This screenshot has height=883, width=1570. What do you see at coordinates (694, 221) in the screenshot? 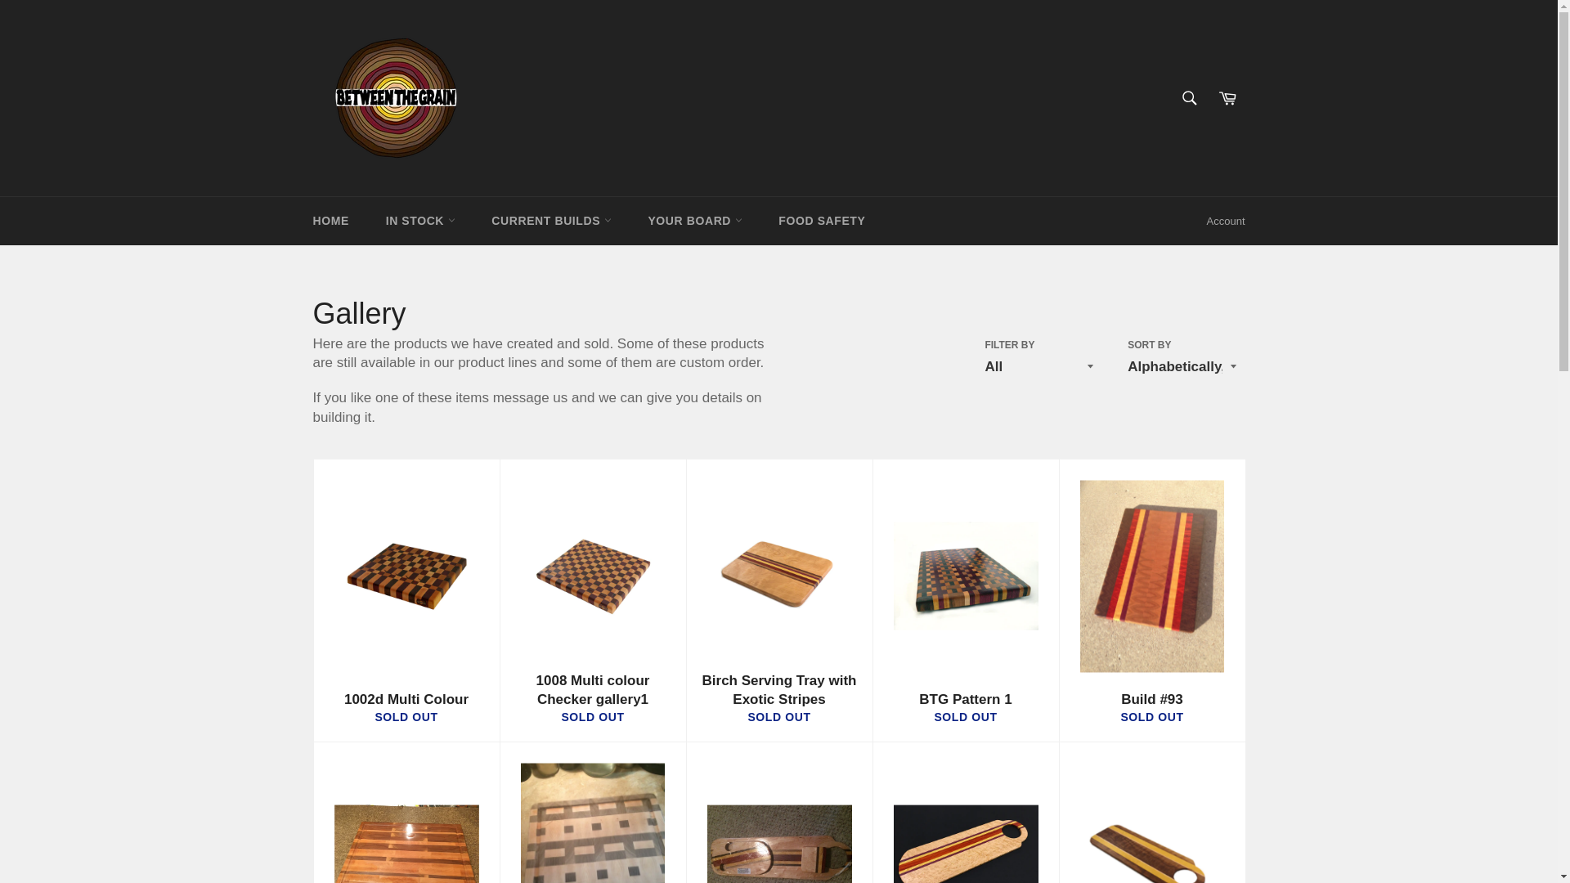
I see `'YOUR BOARD'` at bounding box center [694, 221].